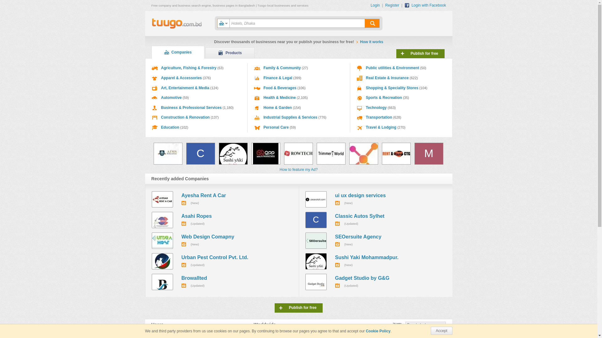 The image size is (602, 338). I want to click on ' Construction & Renovation (137)', so click(196, 117).